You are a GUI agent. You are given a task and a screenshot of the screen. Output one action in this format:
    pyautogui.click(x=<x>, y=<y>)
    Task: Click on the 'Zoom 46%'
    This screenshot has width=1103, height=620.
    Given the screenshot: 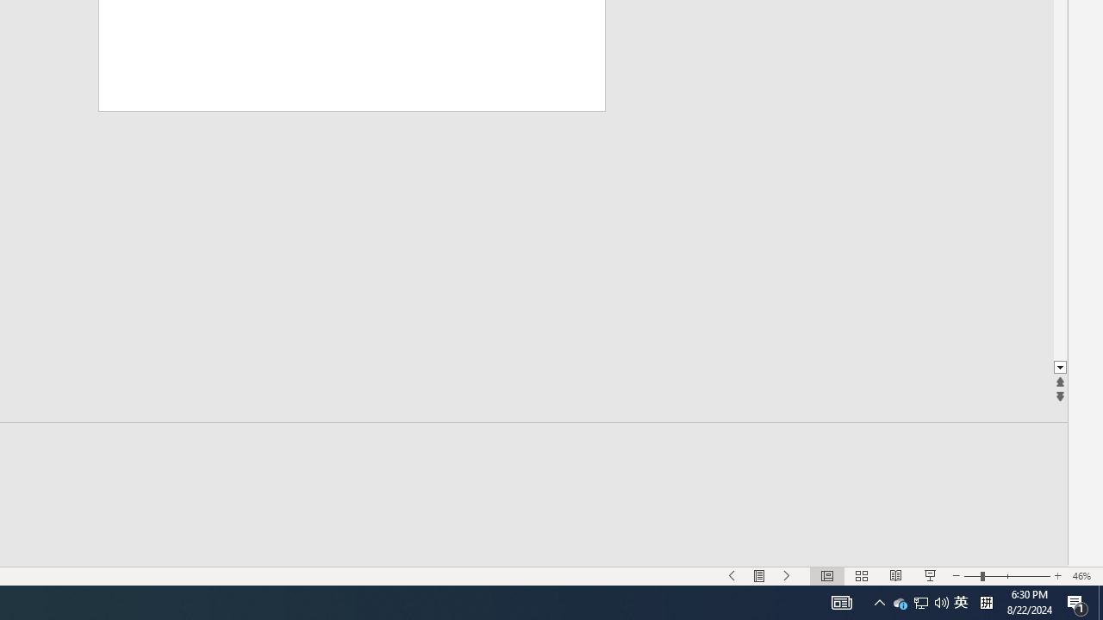 What is the action you would take?
    pyautogui.click(x=1083, y=576)
    